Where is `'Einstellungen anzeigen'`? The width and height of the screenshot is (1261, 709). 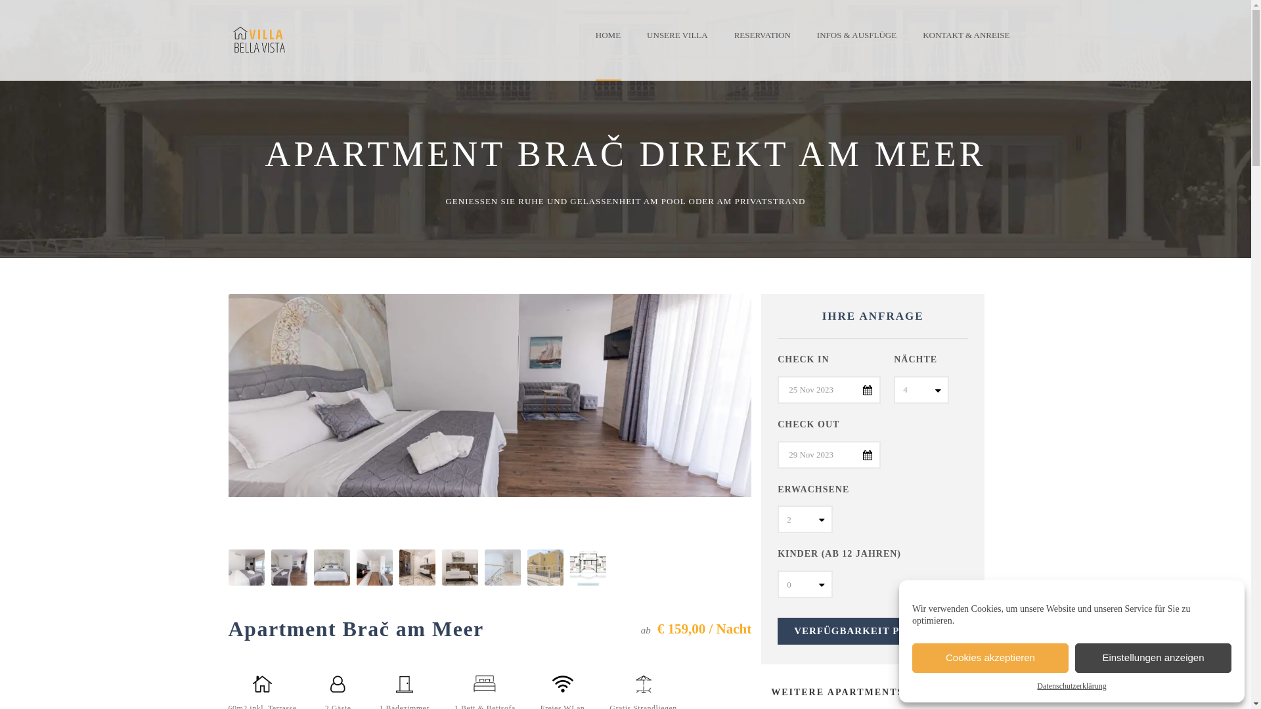 'Einstellungen anzeigen' is located at coordinates (1153, 658).